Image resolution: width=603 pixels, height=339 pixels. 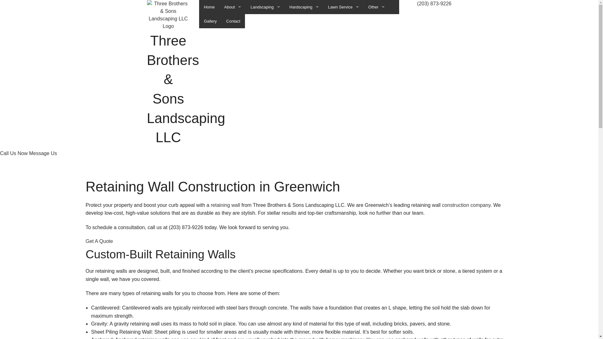 What do you see at coordinates (377, 49) in the screenshot?
I see `'Lawn Dethatching'` at bounding box center [377, 49].